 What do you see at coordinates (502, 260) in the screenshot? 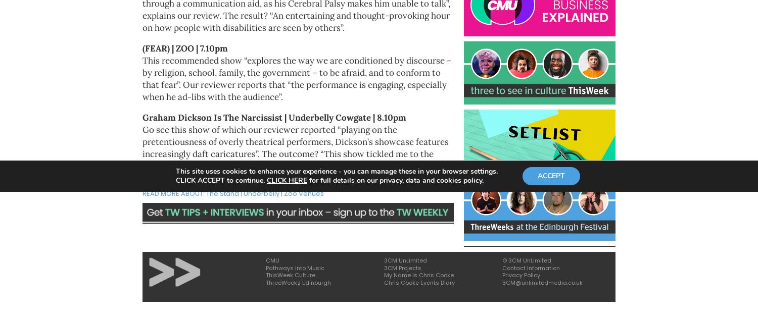
I see `'© 3CM UnLimited'` at bounding box center [502, 260].